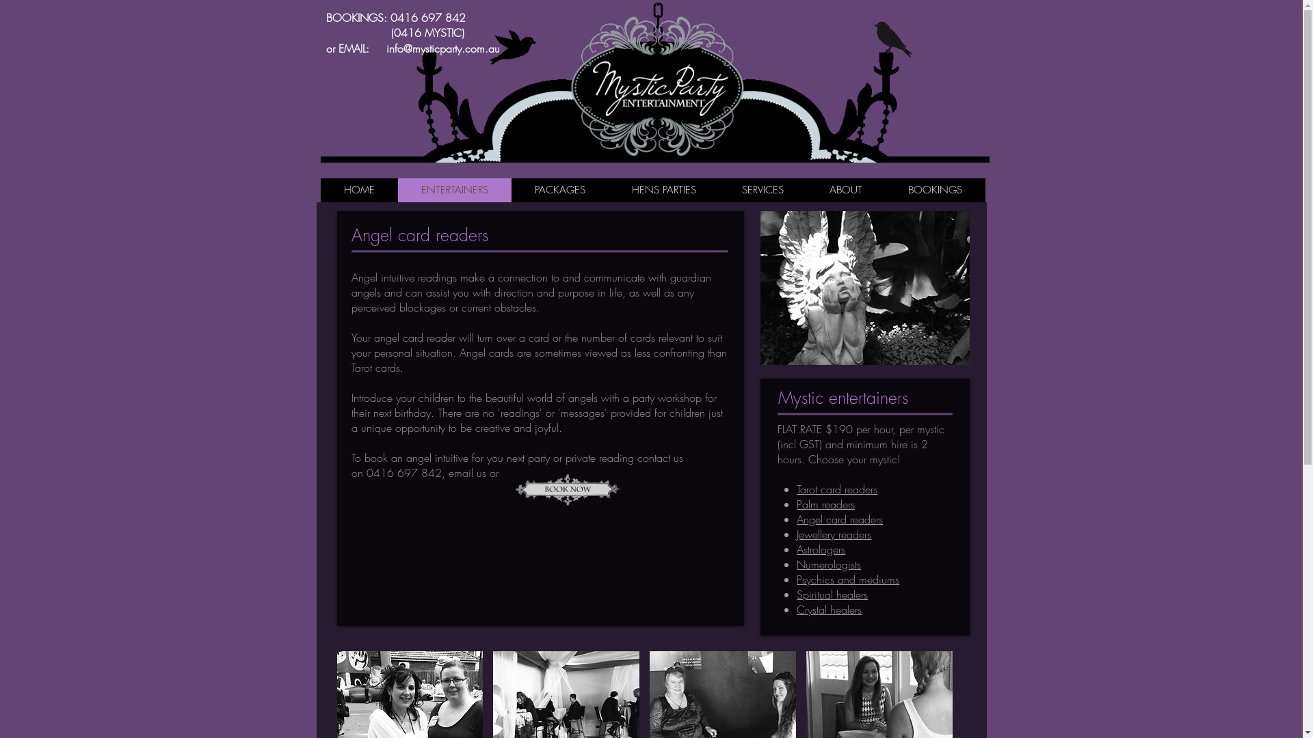  Describe the element at coordinates (833, 534) in the screenshot. I see `'Jewellery readers'` at that location.